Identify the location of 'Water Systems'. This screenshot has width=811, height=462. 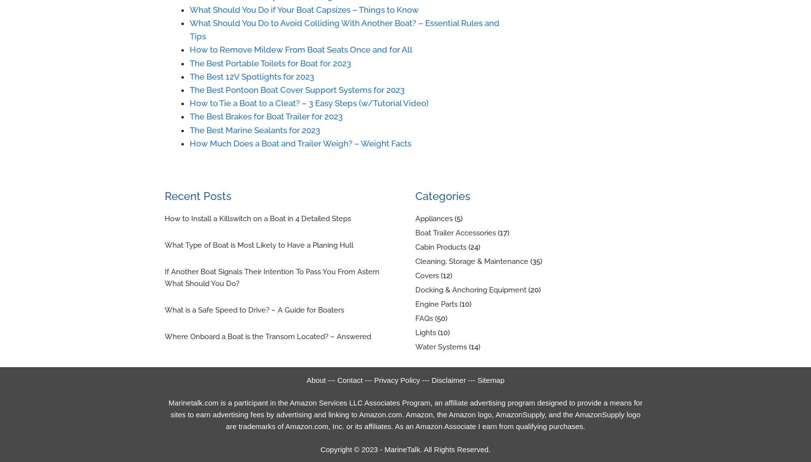
(441, 346).